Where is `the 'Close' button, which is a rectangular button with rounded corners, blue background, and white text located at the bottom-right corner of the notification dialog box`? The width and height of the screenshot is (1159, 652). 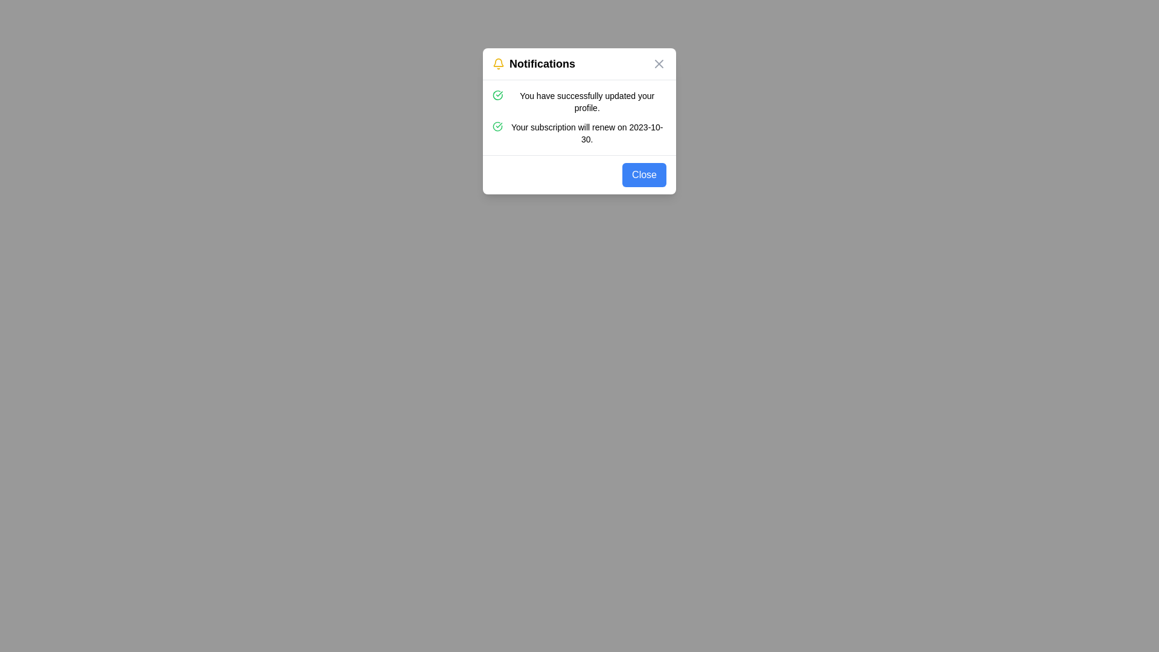 the 'Close' button, which is a rectangular button with rounded corners, blue background, and white text located at the bottom-right corner of the notification dialog box is located at coordinates (643, 174).